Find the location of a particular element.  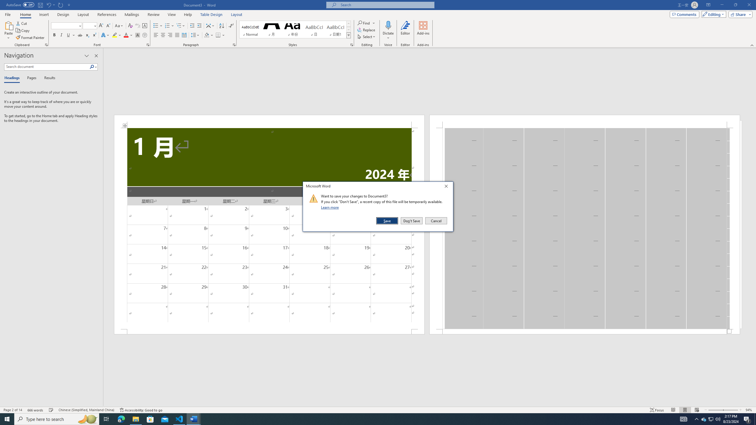

'Undo Distribute Para' is located at coordinates (50, 4).